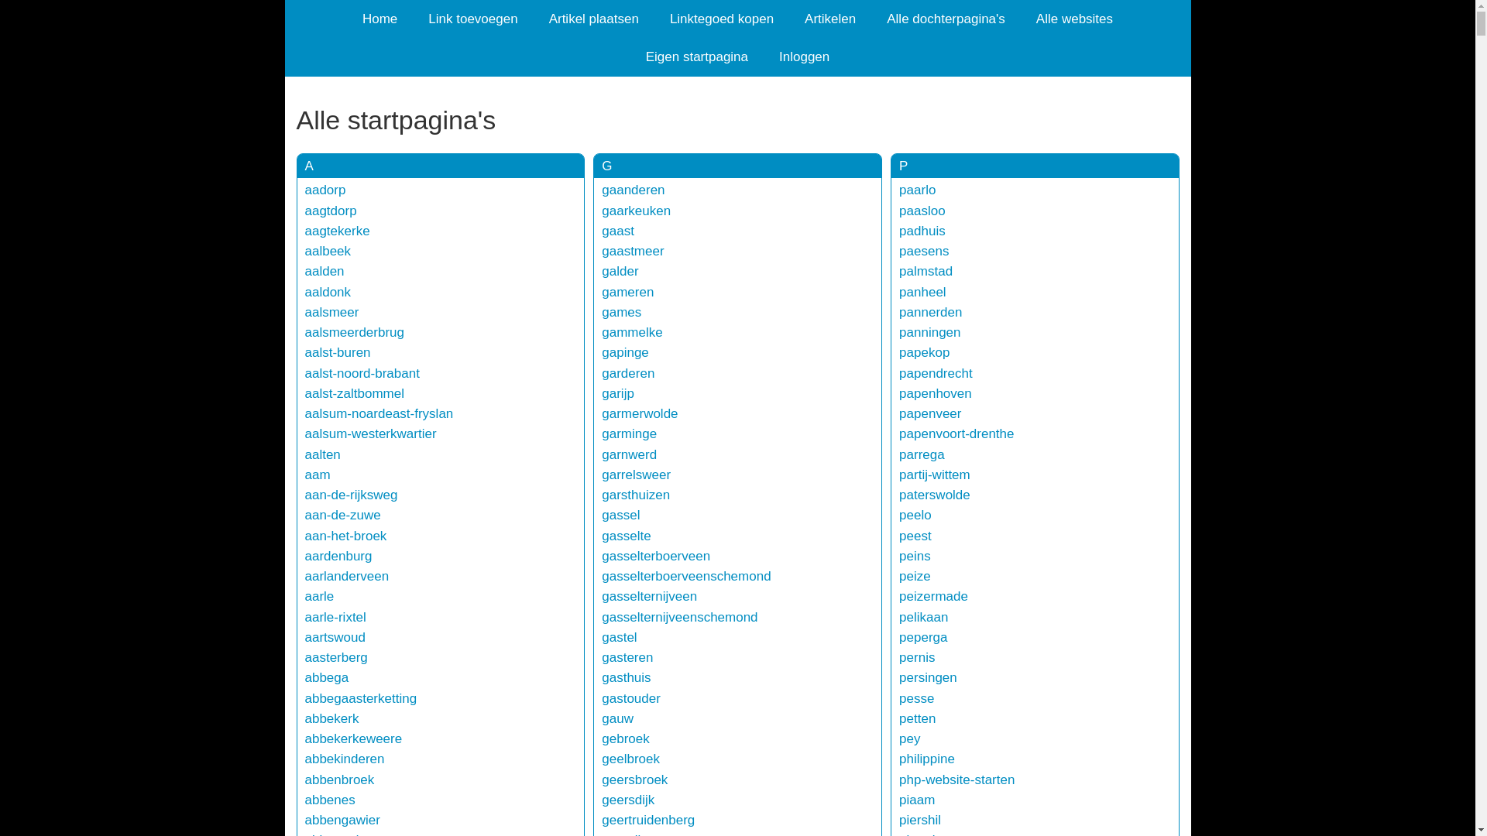 The height and width of the screenshot is (836, 1487). I want to click on 'philippine', so click(926, 758).